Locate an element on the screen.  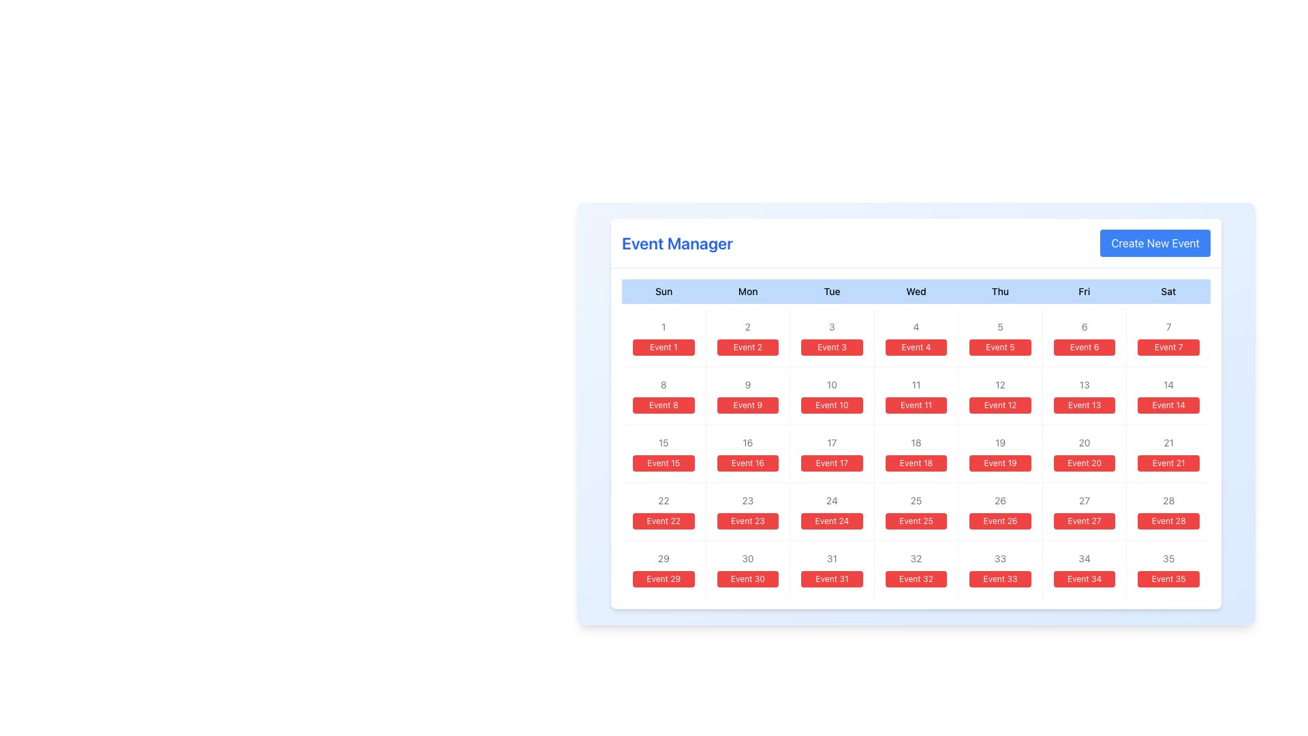
the list item with highlighted event labeled 'Event 14' is located at coordinates (1168, 396).